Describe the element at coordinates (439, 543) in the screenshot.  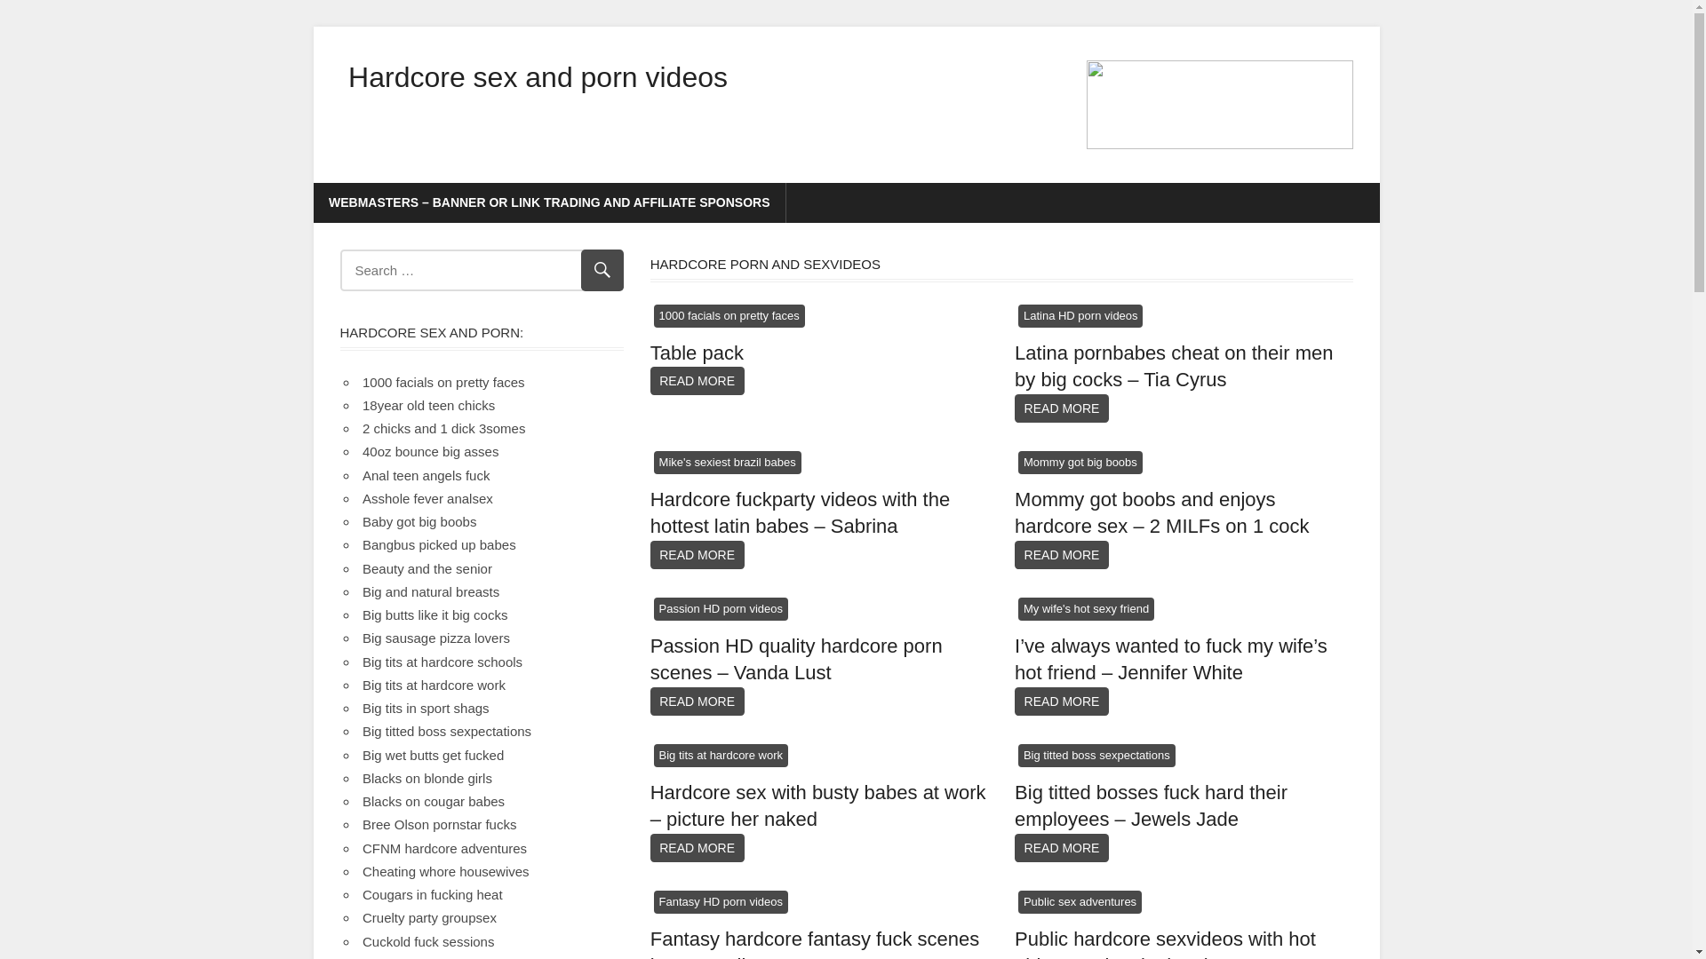
I see `'Bangbus picked up babes'` at that location.